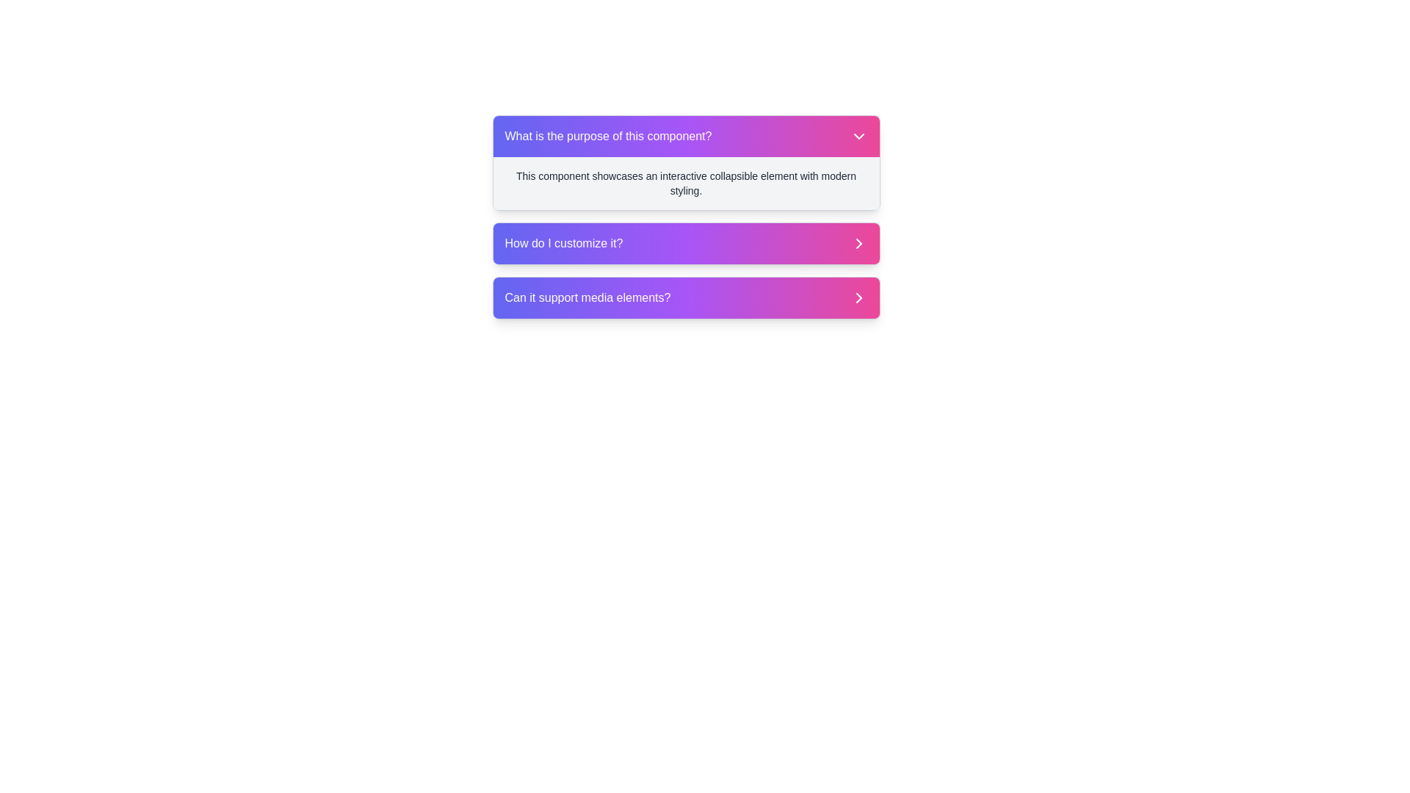 The image size is (1410, 793). I want to click on the chevron icon located within the second button labeled 'How do I customize it?', so click(858, 242).